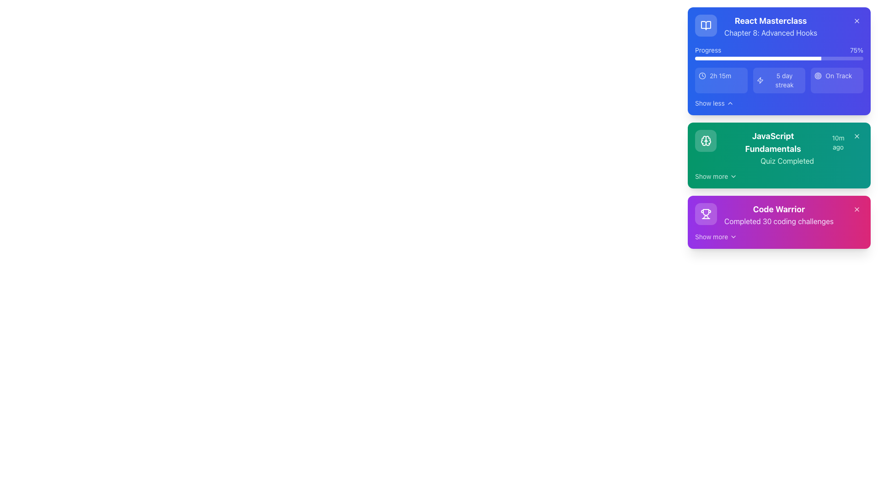 The image size is (878, 494). What do you see at coordinates (779, 58) in the screenshot?
I see `the Progress bar that visually represents 75% completion, located below the text 'Progress' in the 'React Masterclass' section` at bounding box center [779, 58].